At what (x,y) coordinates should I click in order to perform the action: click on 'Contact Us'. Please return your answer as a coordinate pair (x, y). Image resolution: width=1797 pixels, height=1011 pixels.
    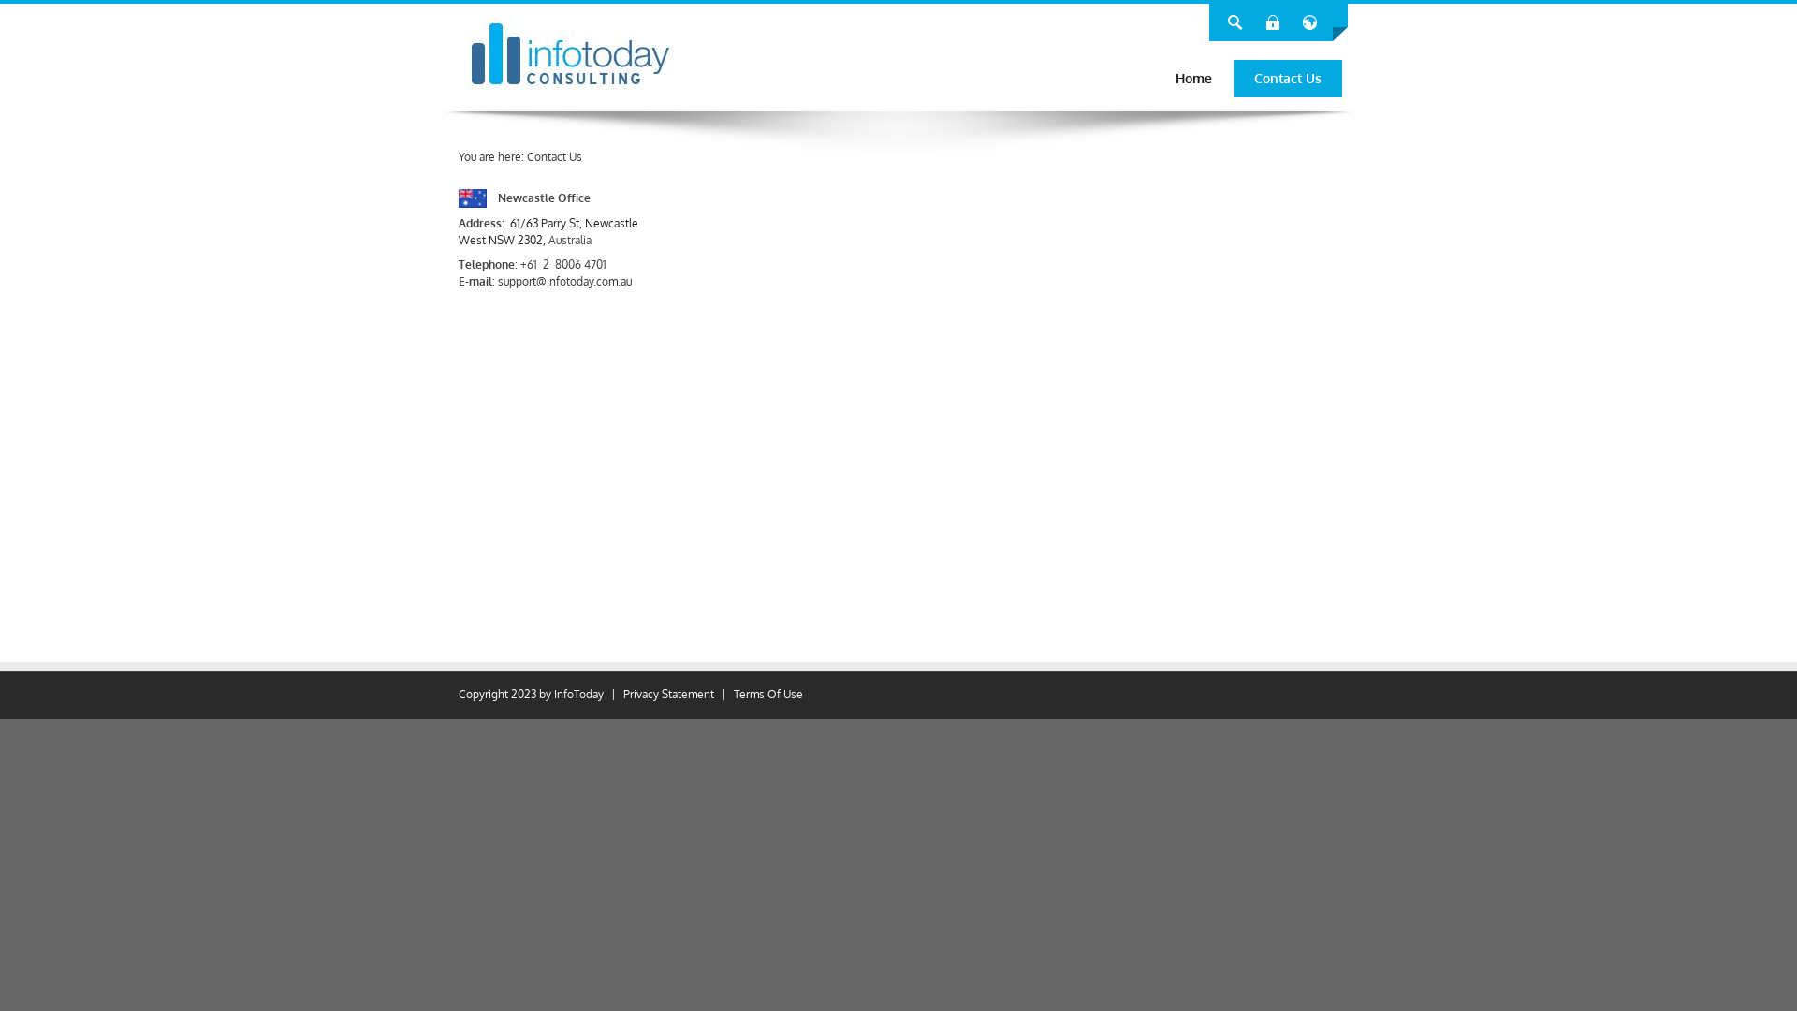
    Looking at the image, I should click on (1287, 78).